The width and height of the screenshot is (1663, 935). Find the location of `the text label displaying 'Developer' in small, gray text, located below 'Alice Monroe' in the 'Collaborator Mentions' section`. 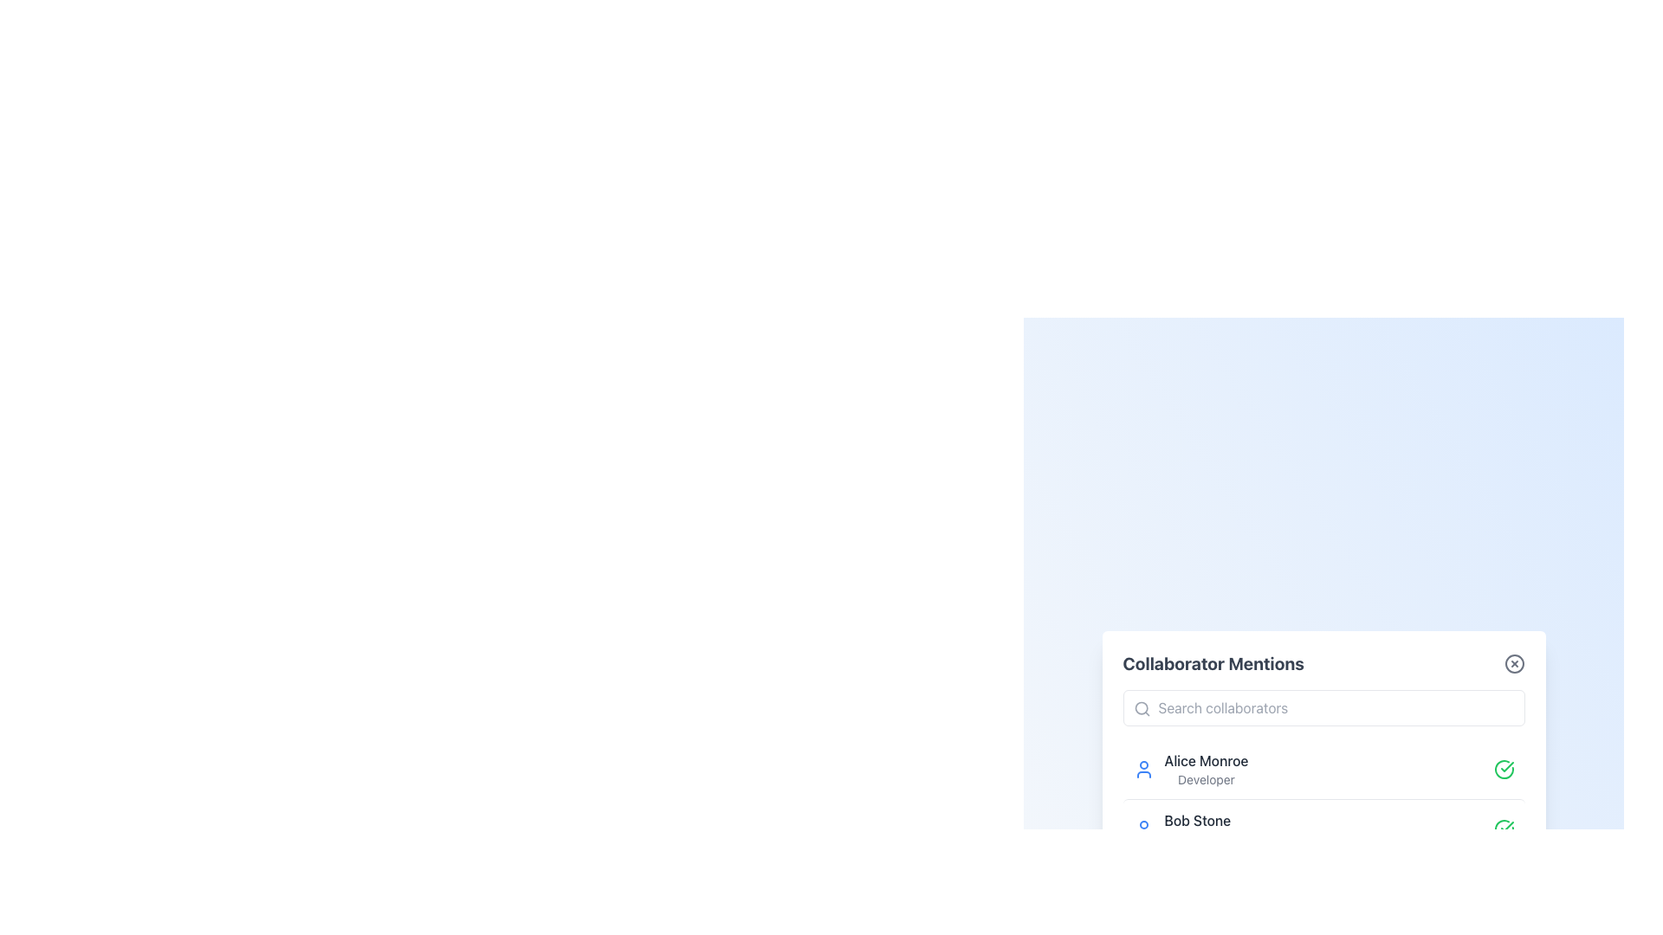

the text label displaying 'Developer' in small, gray text, located below 'Alice Monroe' in the 'Collaborator Mentions' section is located at coordinates (1205, 780).